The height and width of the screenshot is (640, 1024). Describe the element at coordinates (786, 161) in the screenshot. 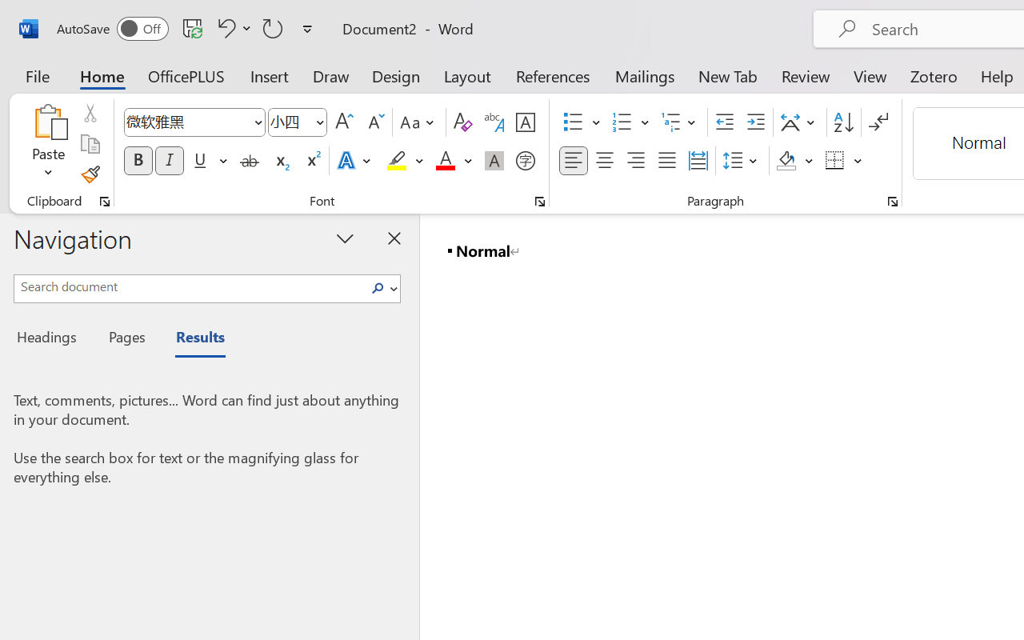

I see `'Shading RGB(0, 0, 0)'` at that location.